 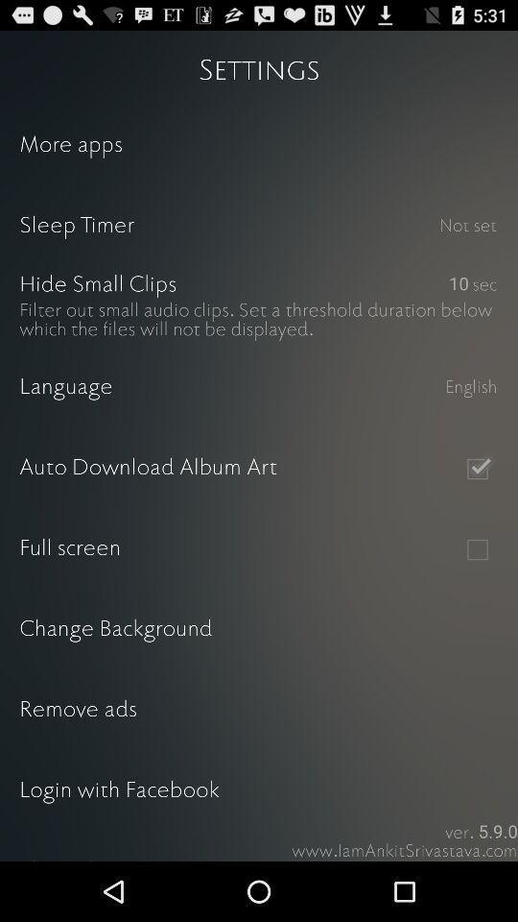 I want to click on the remove ads item, so click(x=259, y=710).